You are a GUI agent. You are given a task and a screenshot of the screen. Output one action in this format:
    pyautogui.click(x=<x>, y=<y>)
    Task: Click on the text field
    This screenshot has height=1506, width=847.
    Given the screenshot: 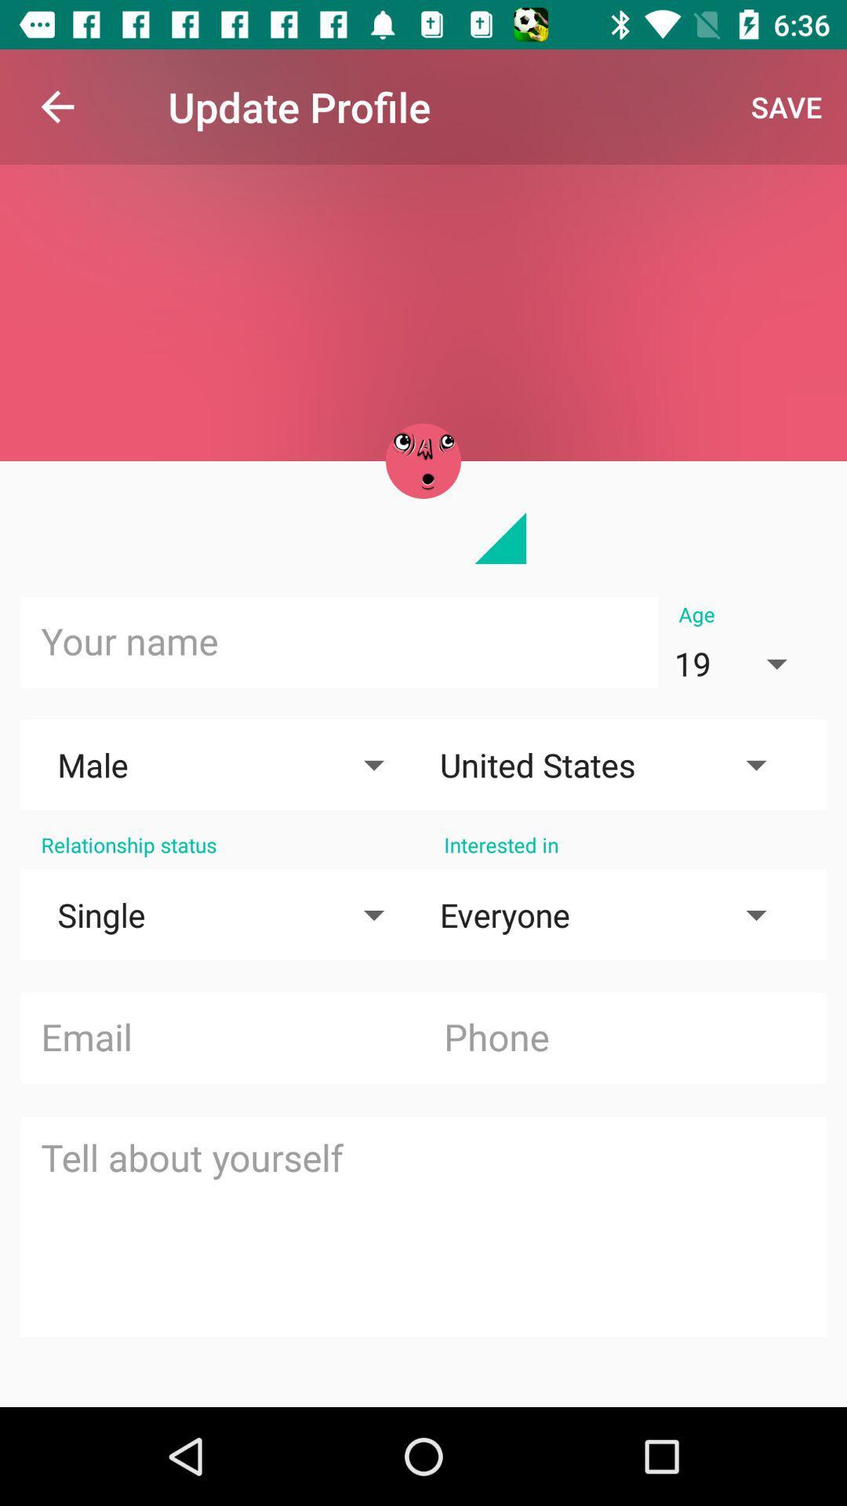 What is the action you would take?
    pyautogui.click(x=423, y=1226)
    